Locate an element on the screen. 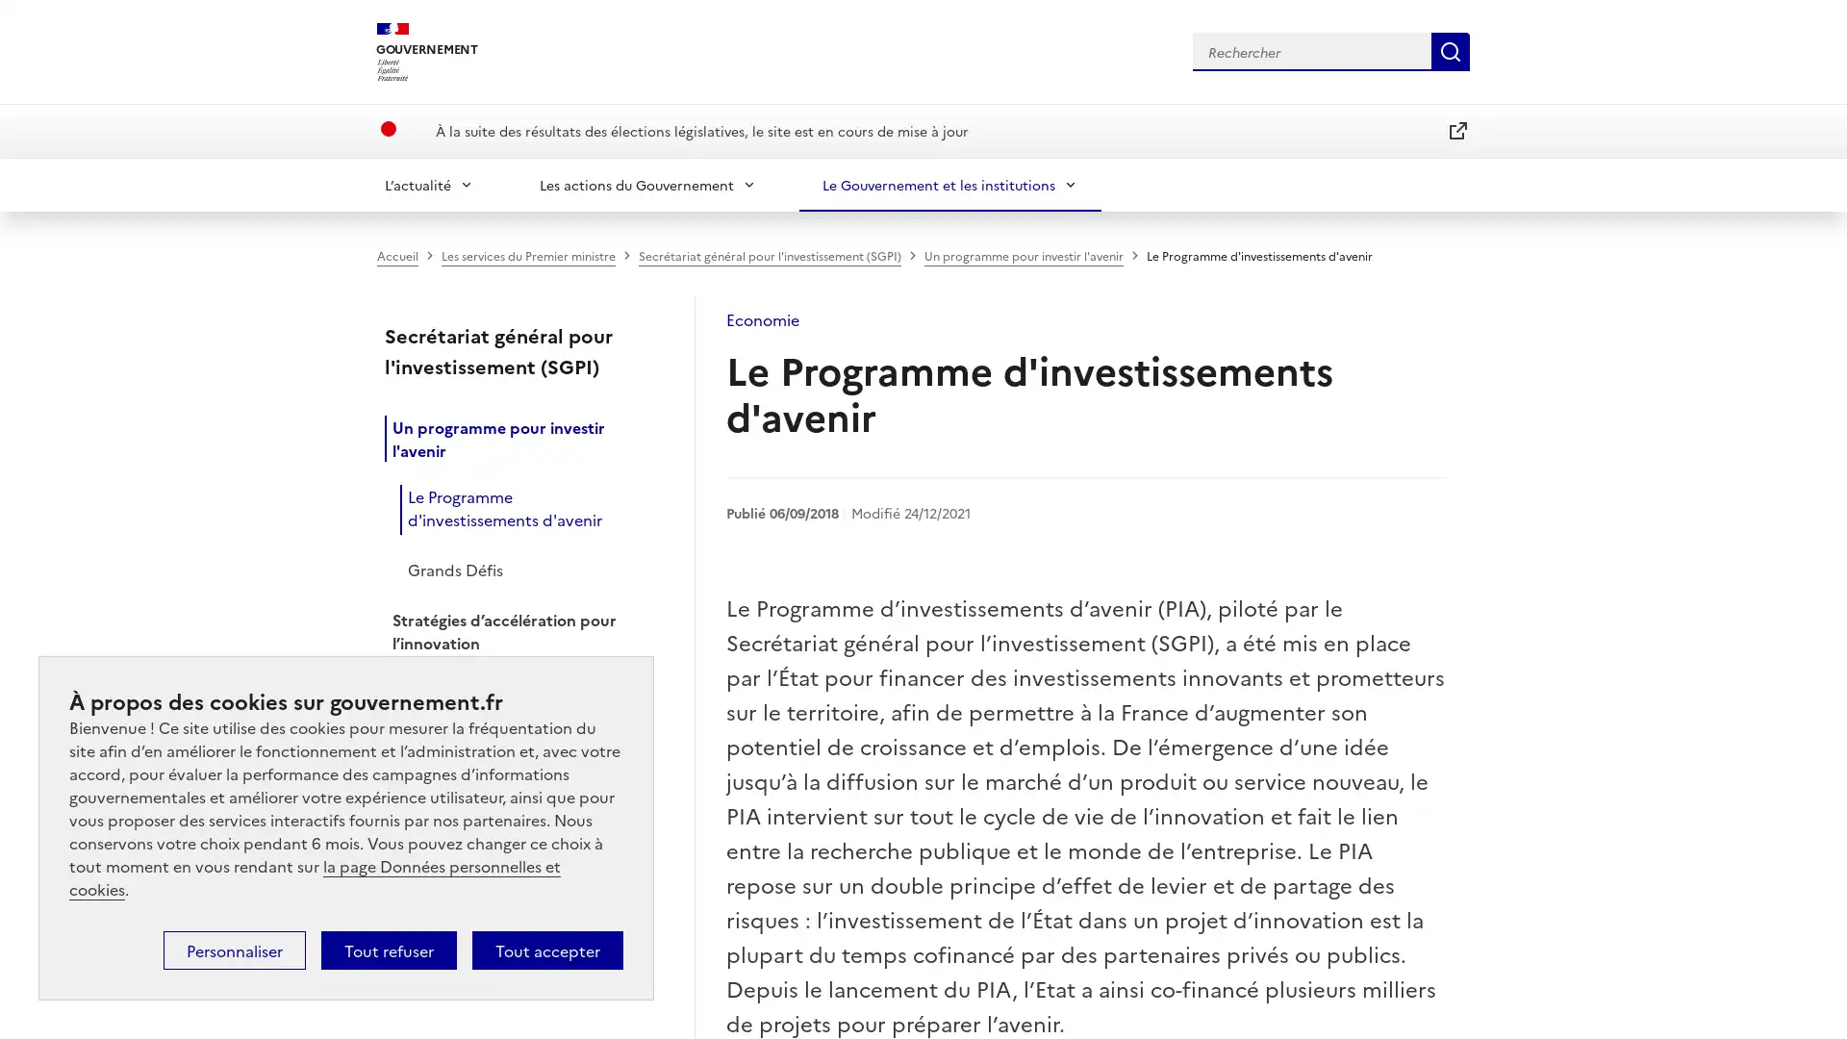  Lactualite is located at coordinates (428, 184).